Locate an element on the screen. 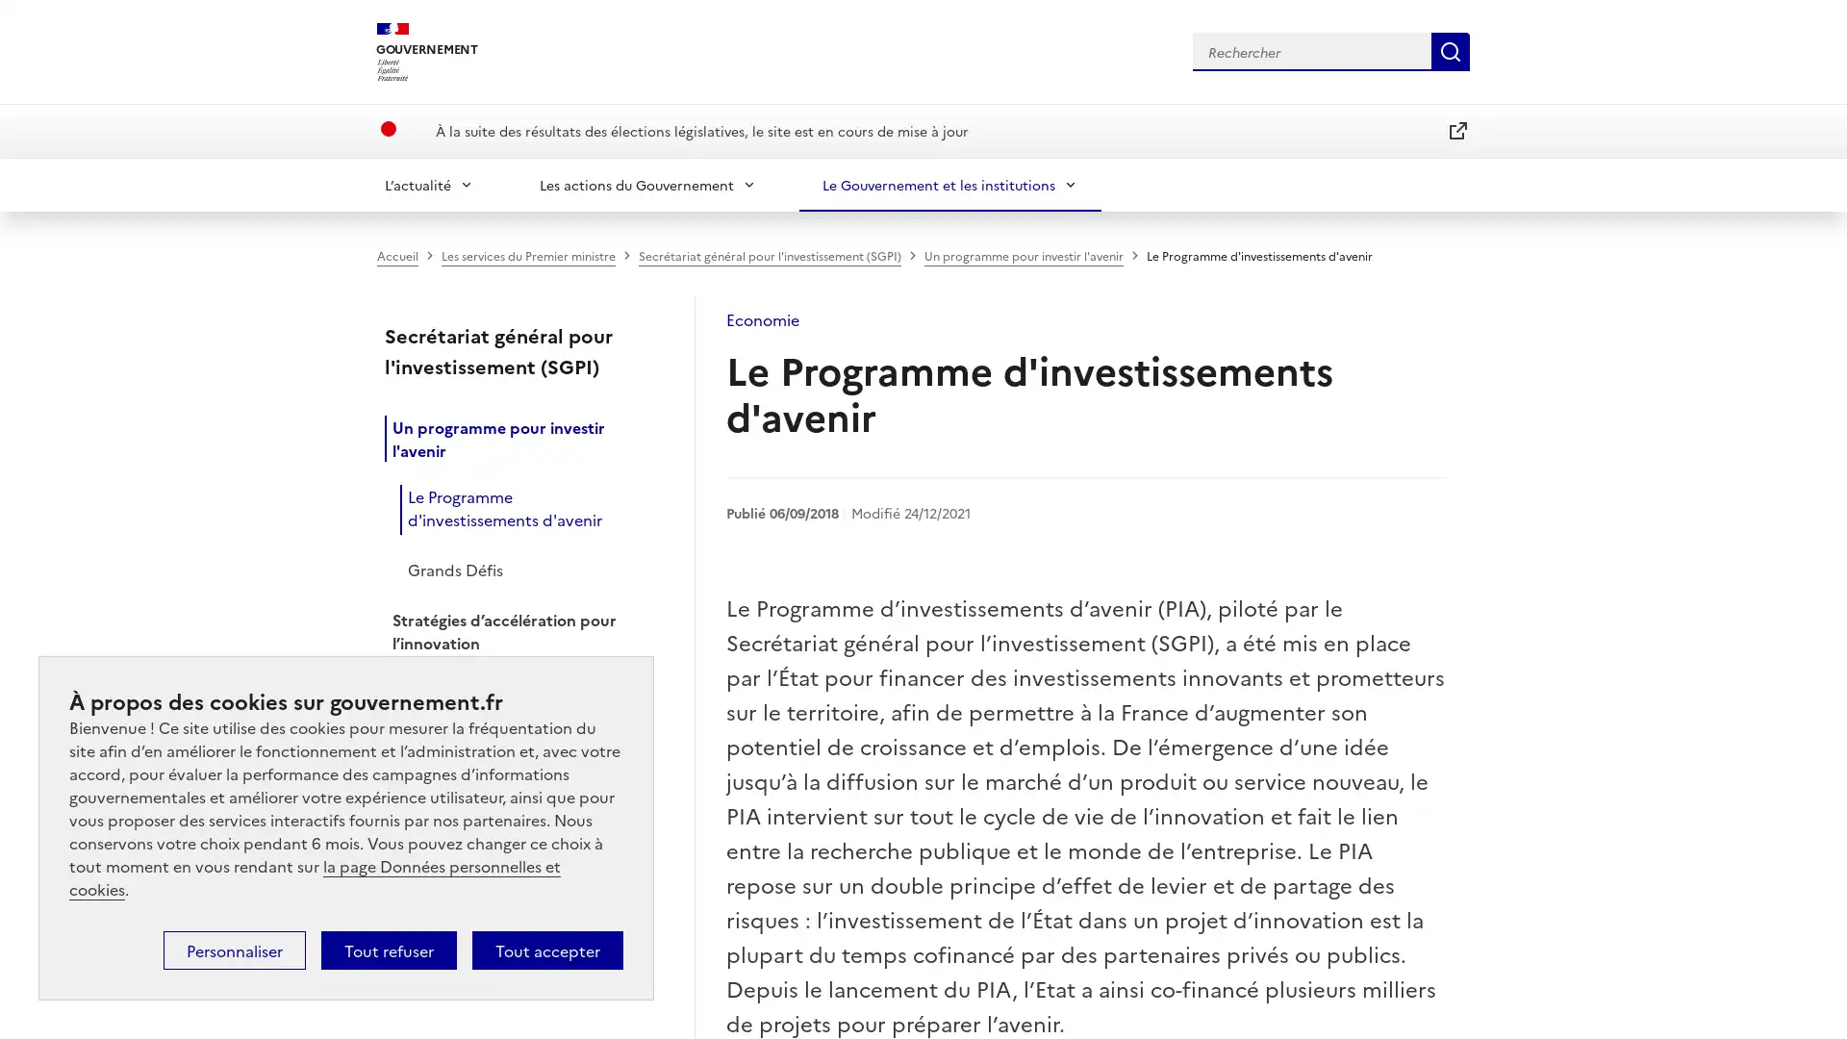  Lactualite is located at coordinates (428, 184).